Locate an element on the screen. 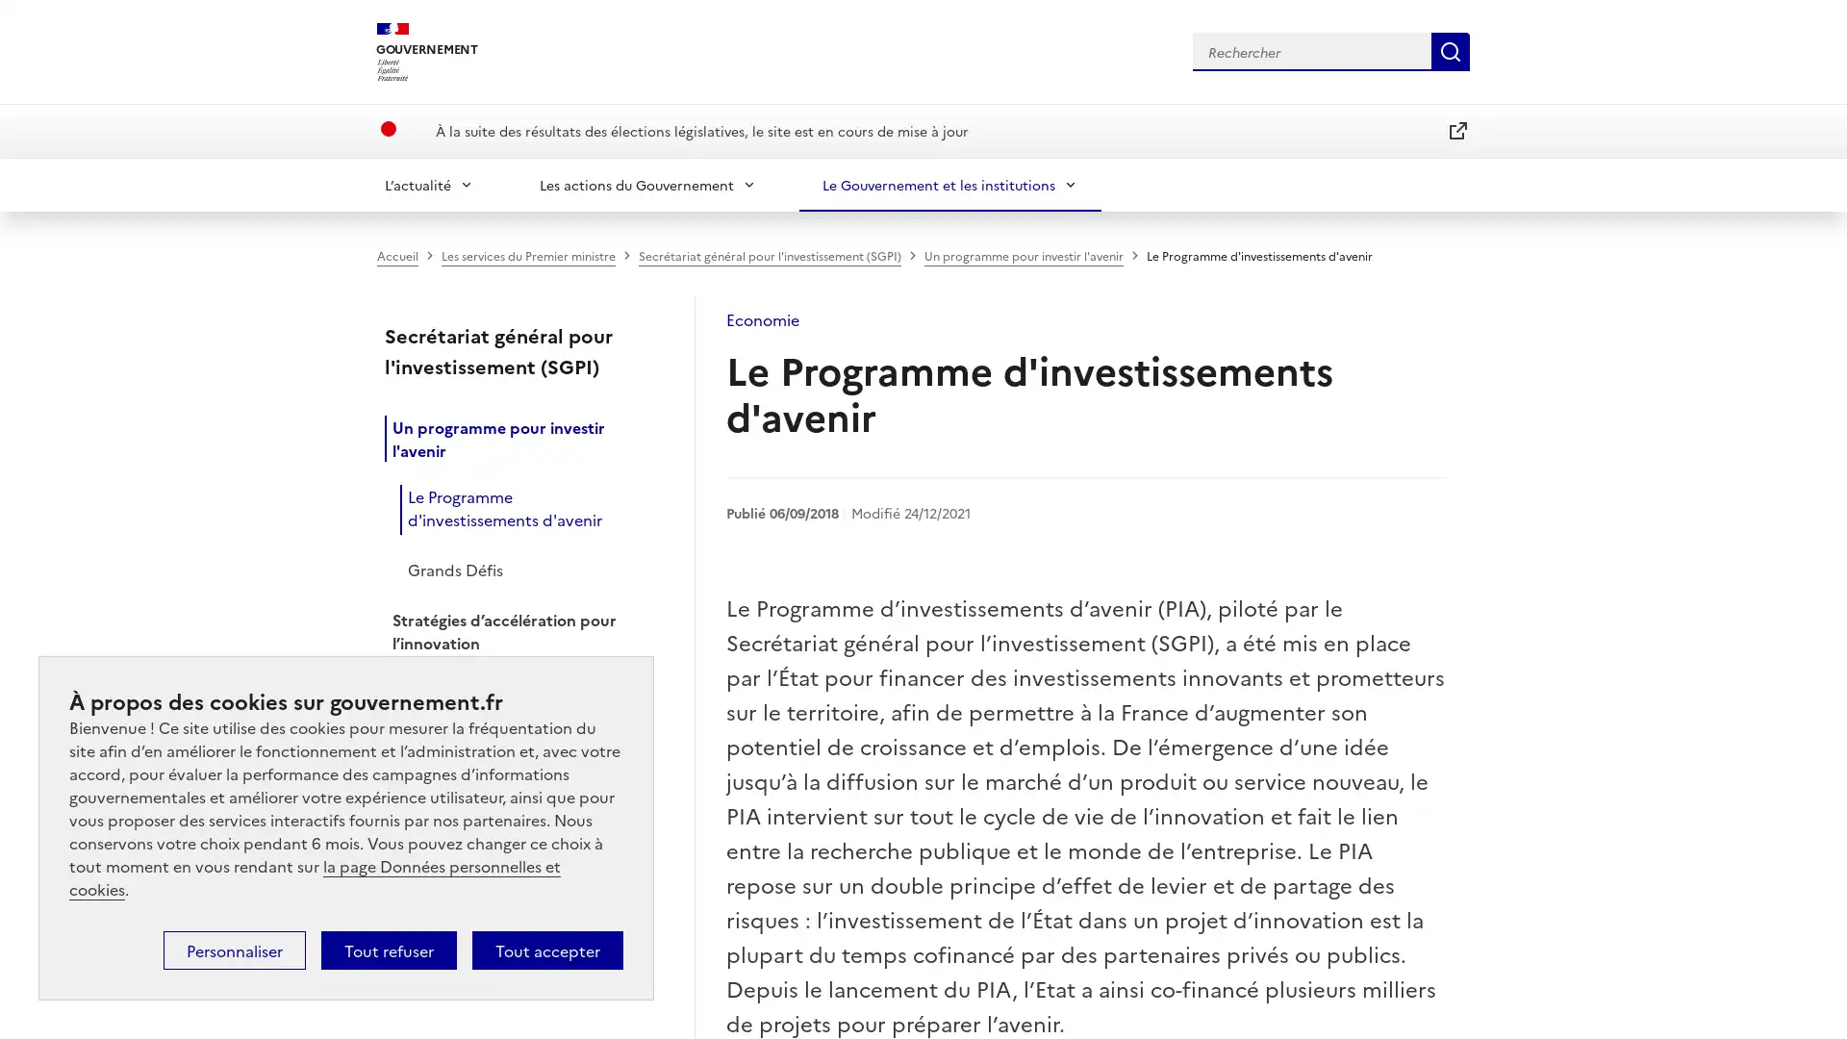  Lactualite is located at coordinates (428, 184).